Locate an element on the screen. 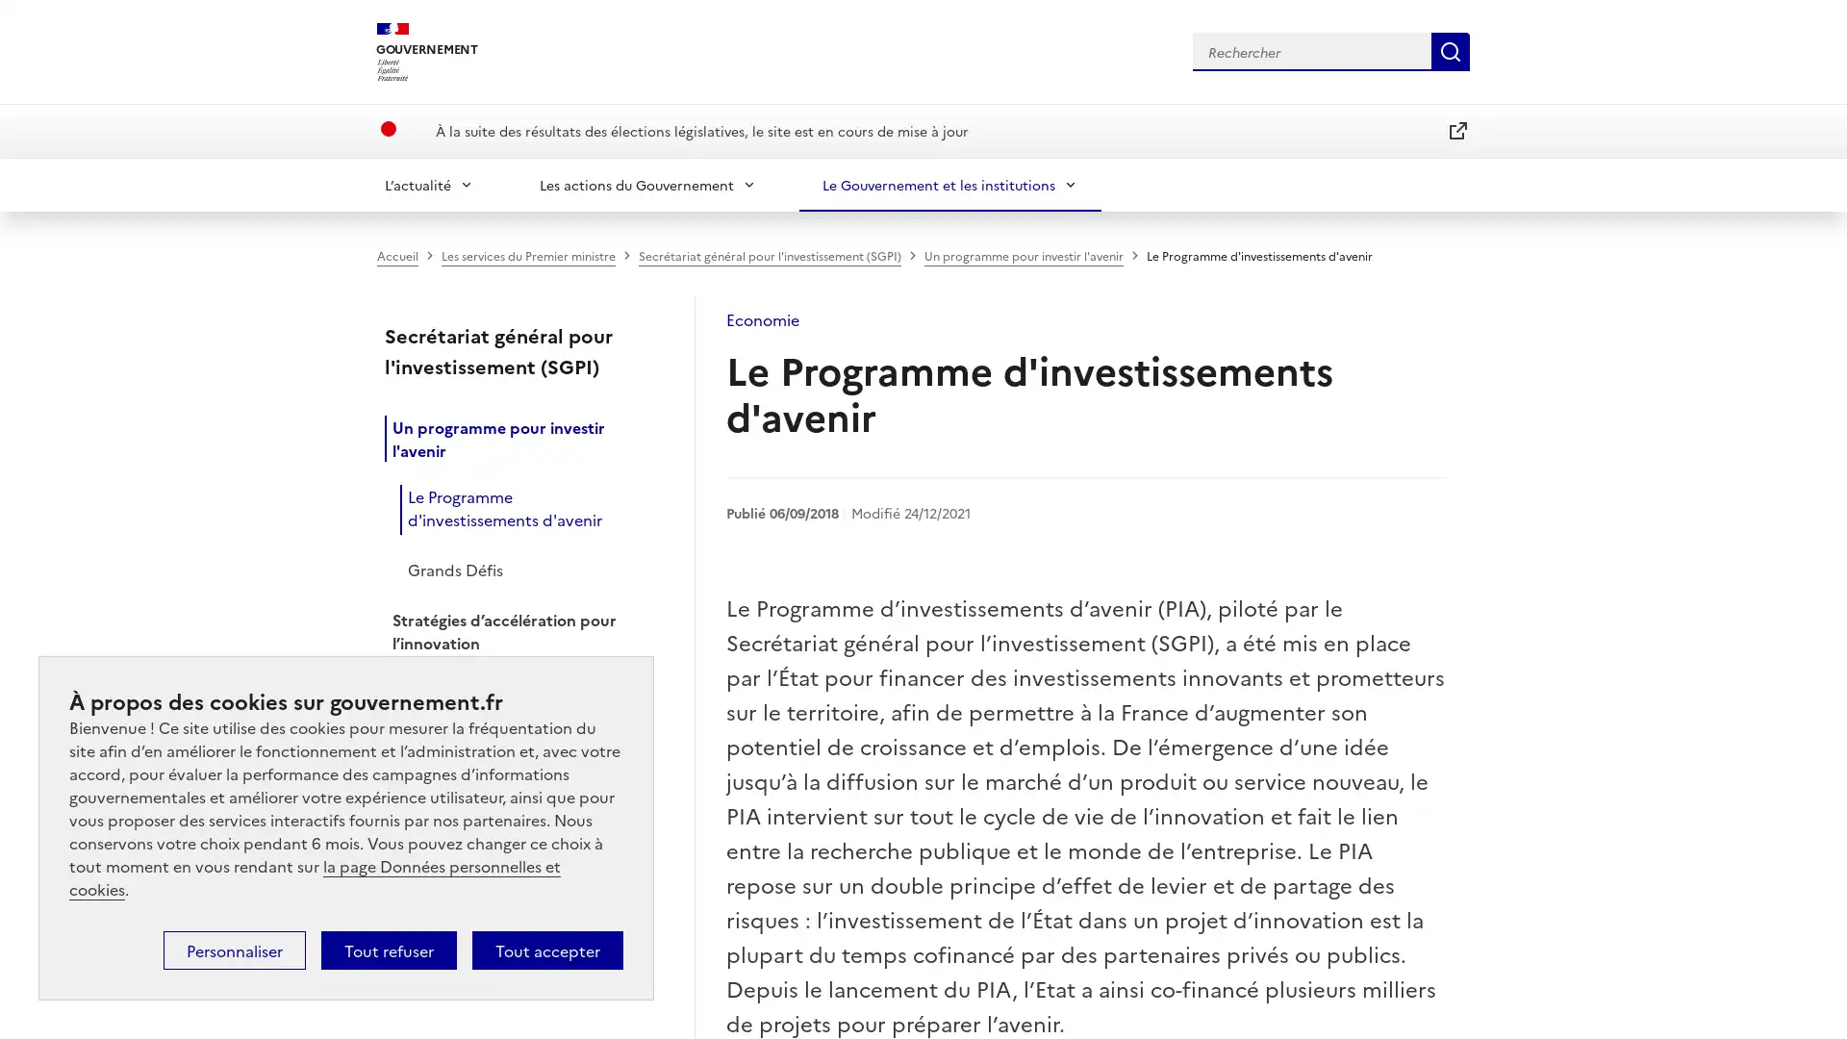  Lactualite is located at coordinates (428, 184).